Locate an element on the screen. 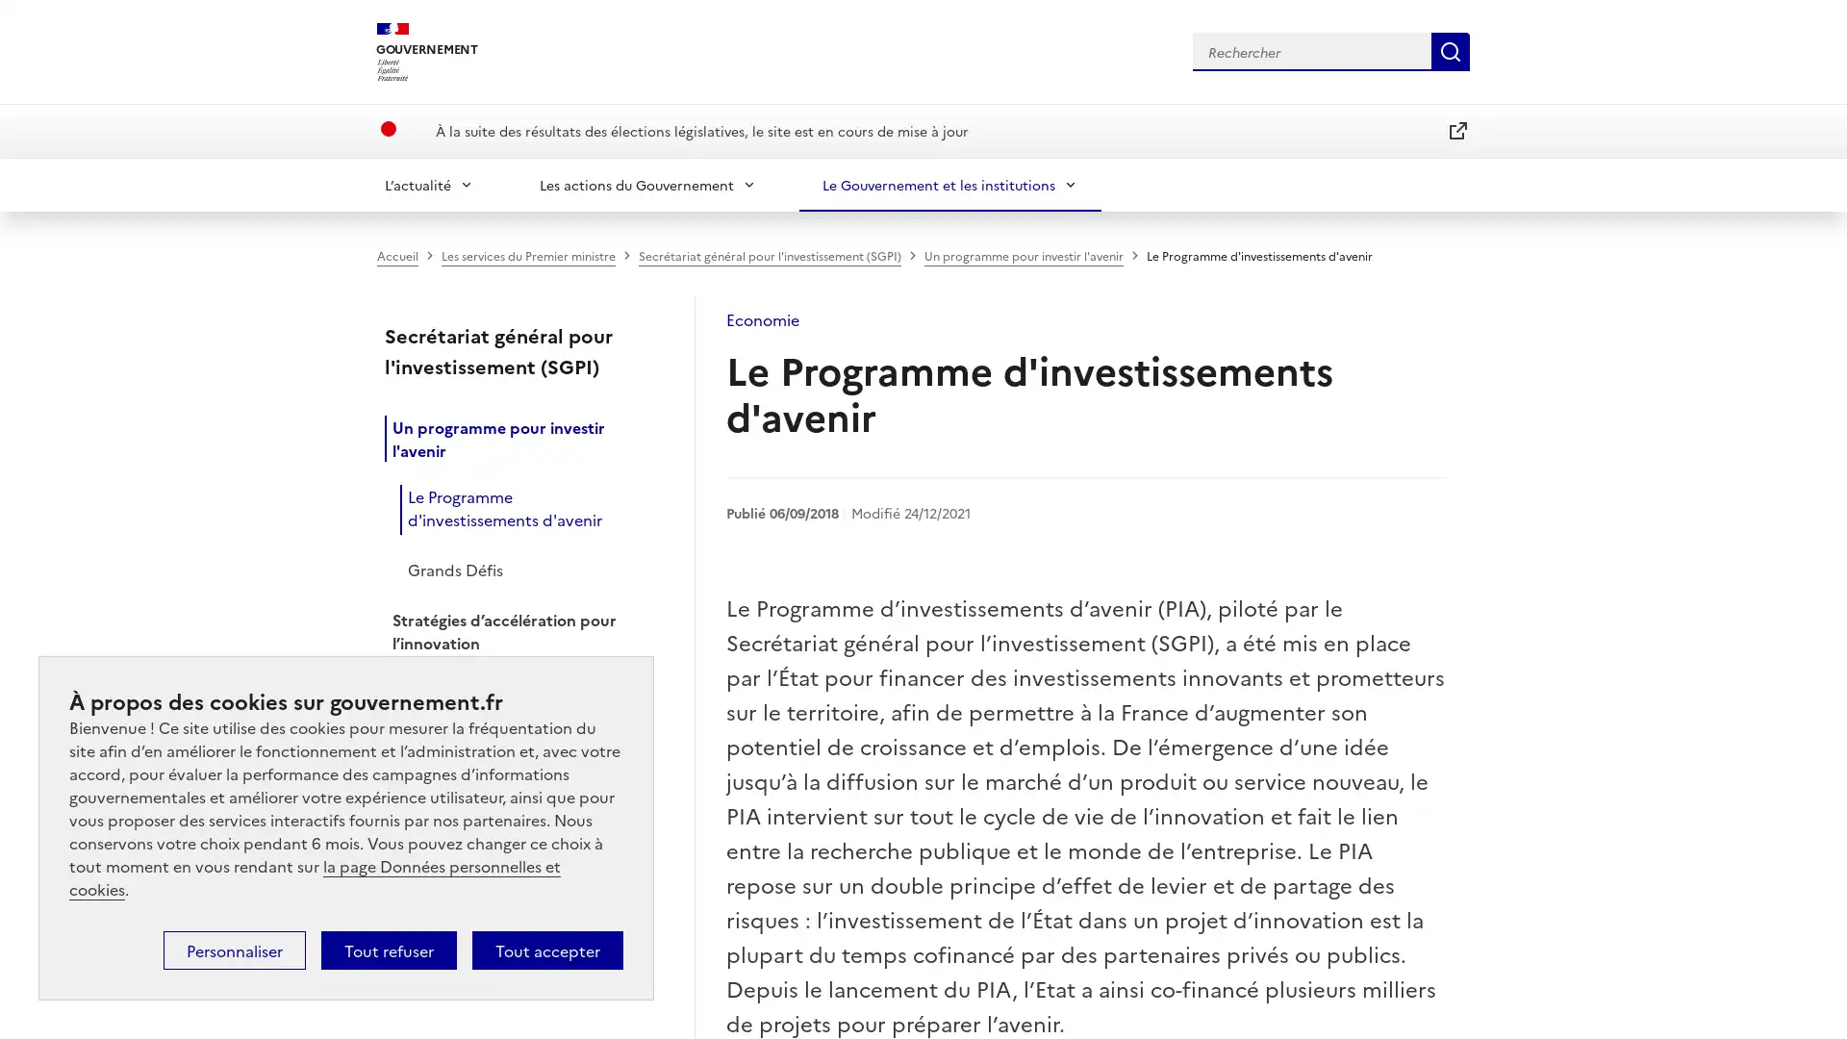  Lactualite is located at coordinates (428, 184).